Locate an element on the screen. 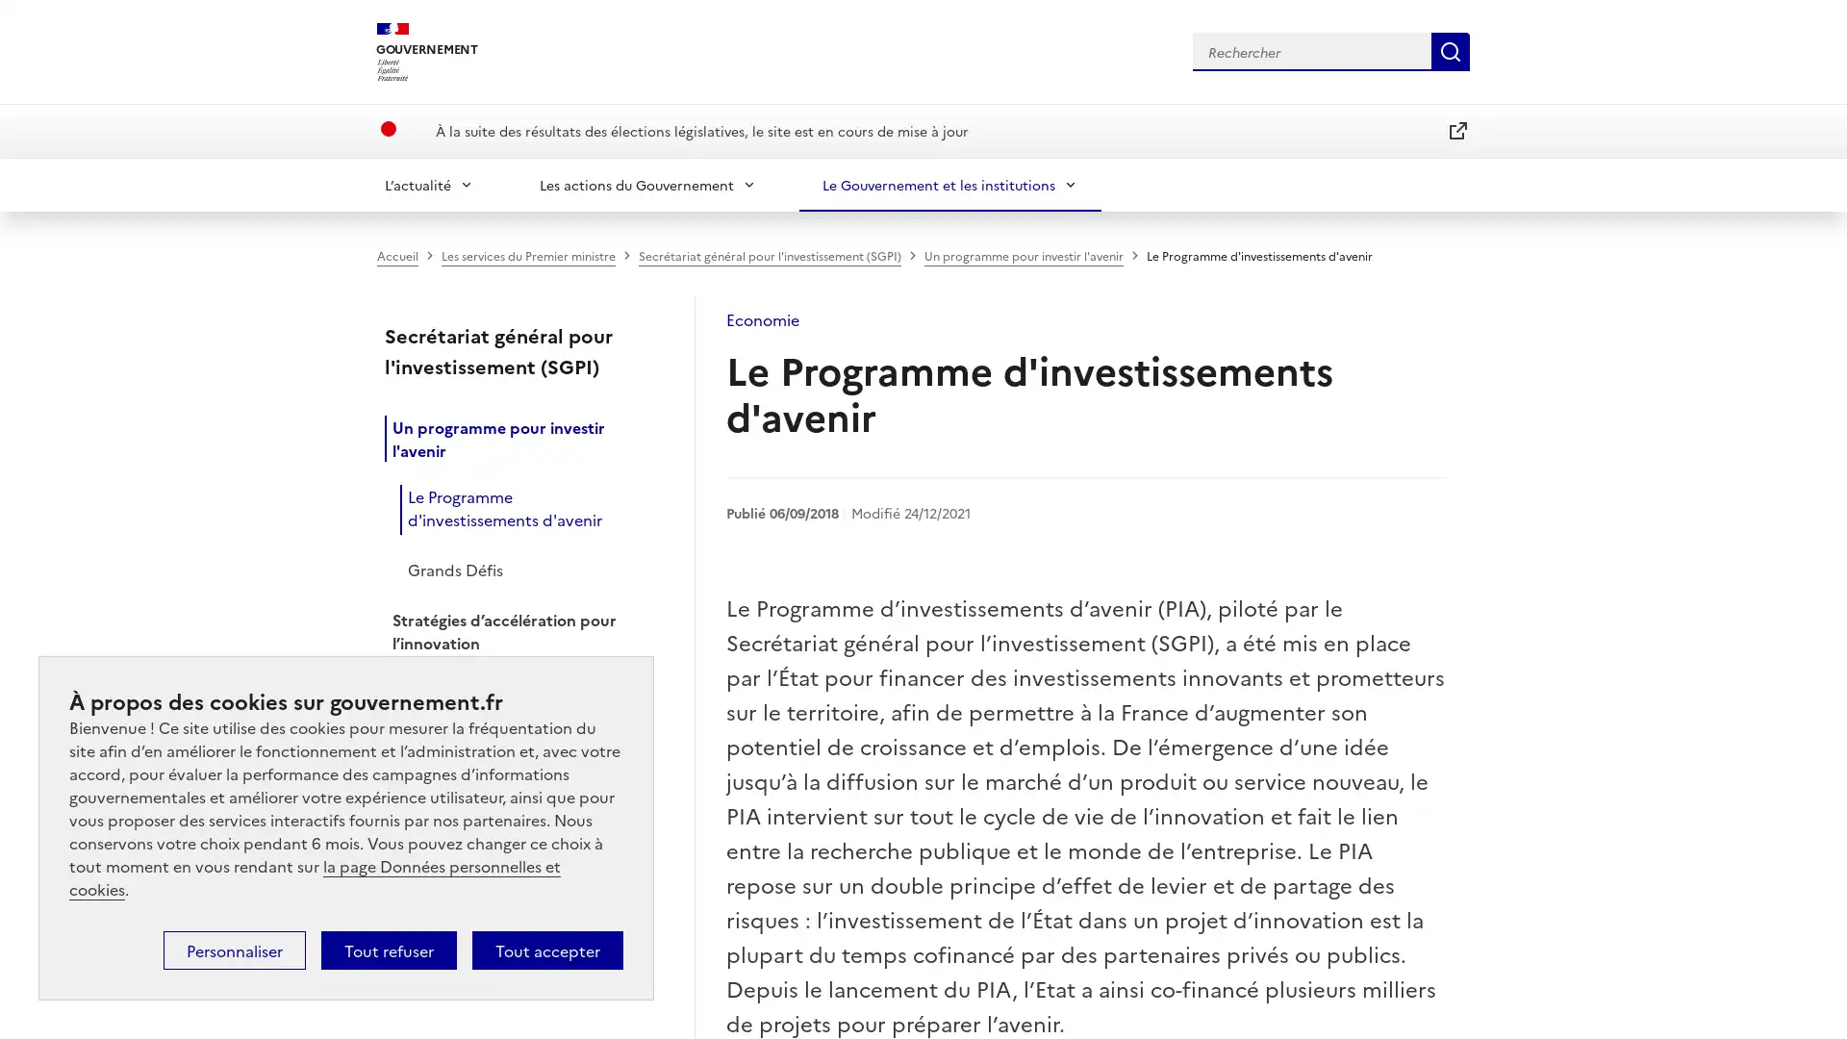  Lactualite is located at coordinates (428, 184).